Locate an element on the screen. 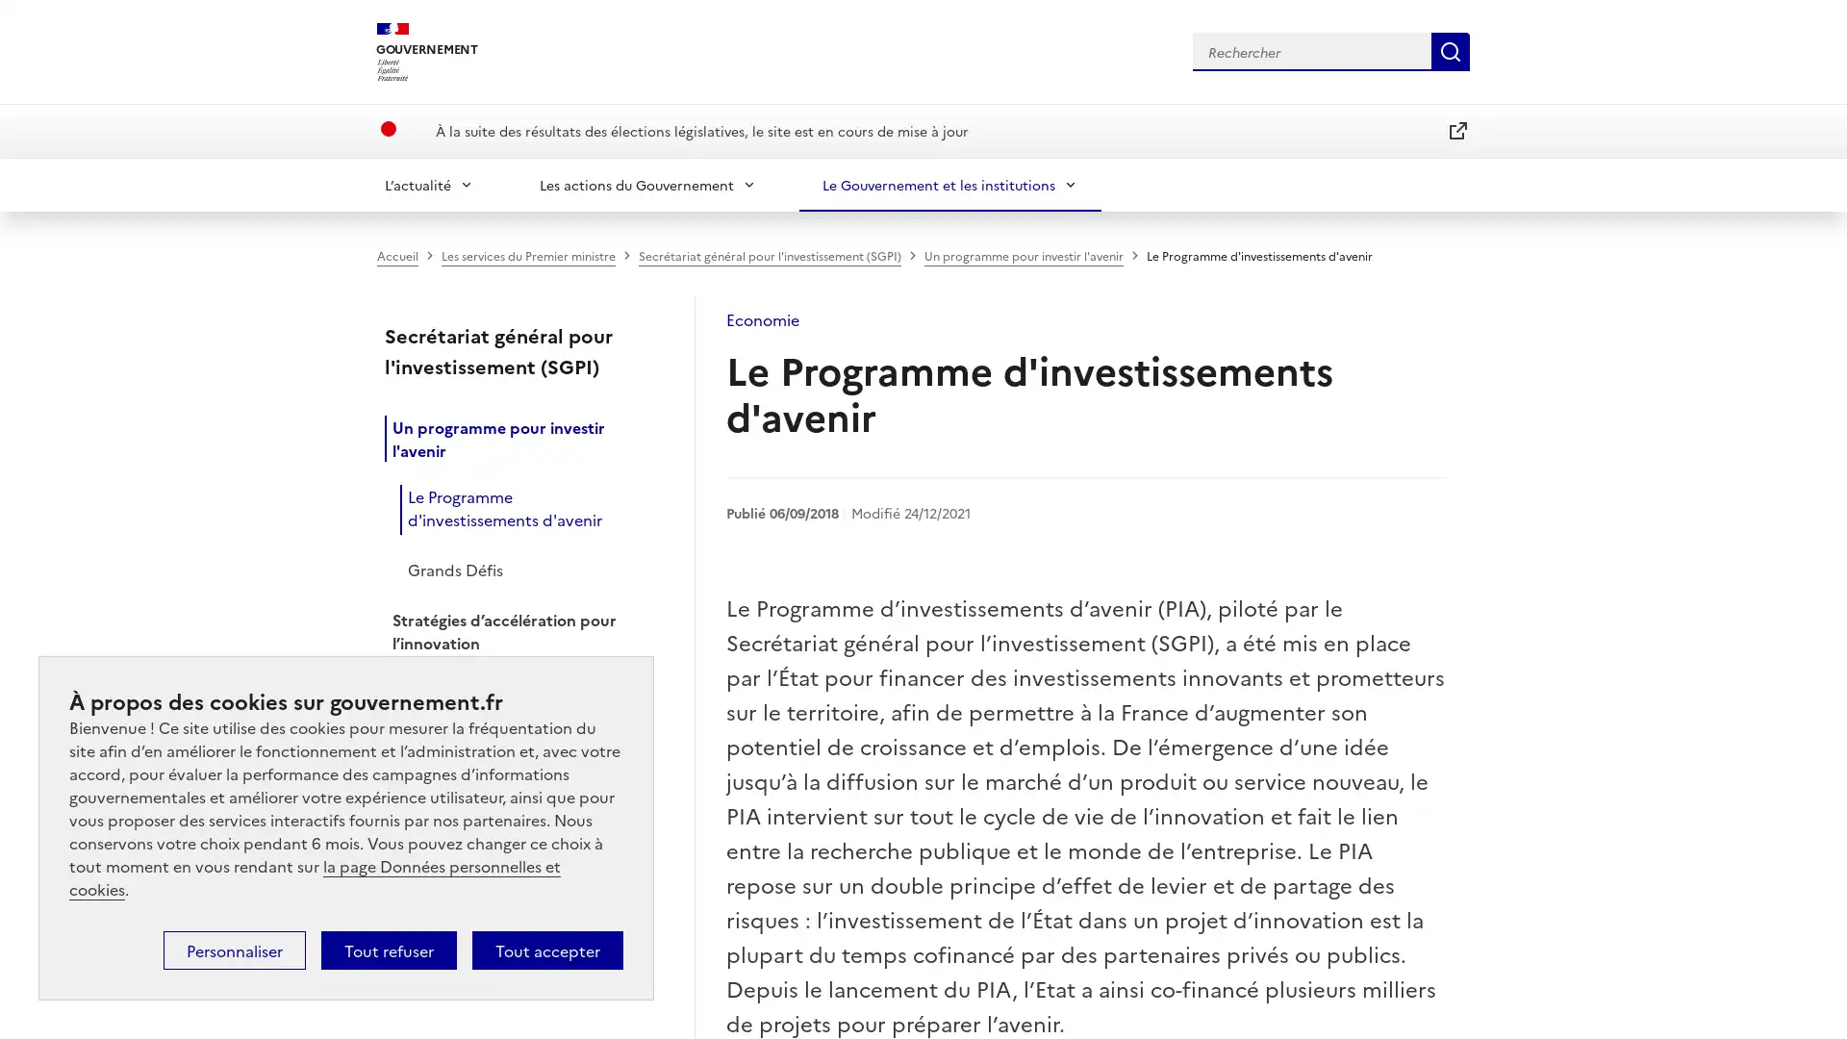  Lactualite is located at coordinates (428, 184).